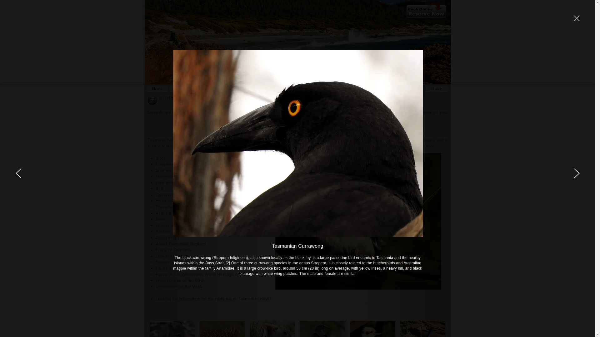 This screenshot has height=337, width=600. I want to click on 'About Tasmanian Reptiles', so click(180, 243).